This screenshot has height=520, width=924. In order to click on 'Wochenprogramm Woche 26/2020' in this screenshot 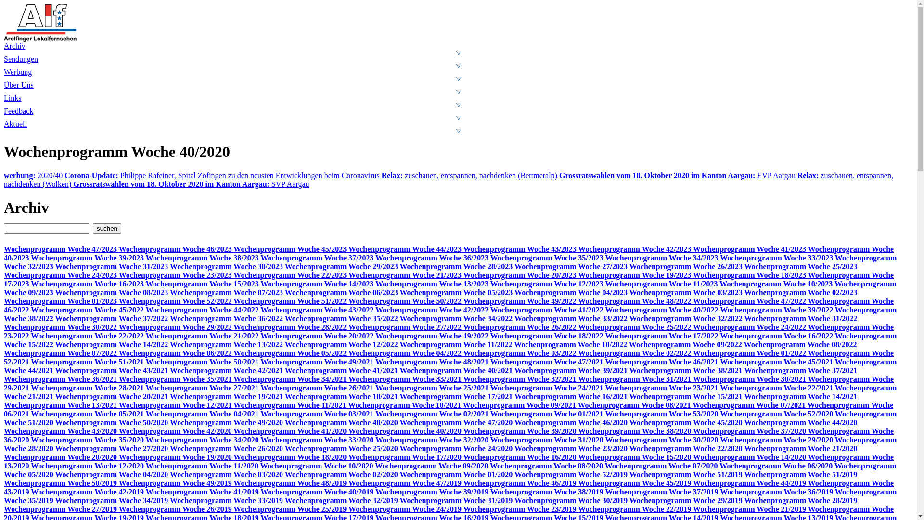, I will do `click(227, 448)`.